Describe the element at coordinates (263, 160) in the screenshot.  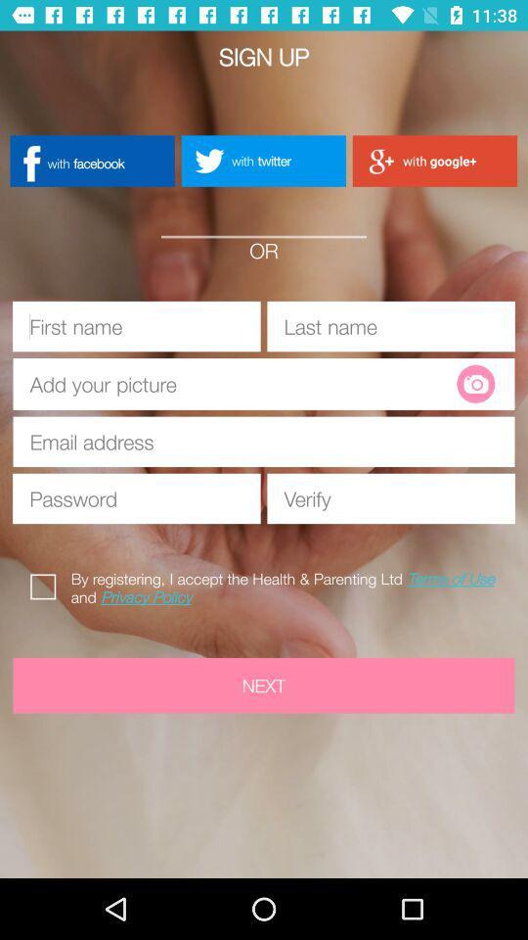
I see `the item to the left of with google+ button` at that location.